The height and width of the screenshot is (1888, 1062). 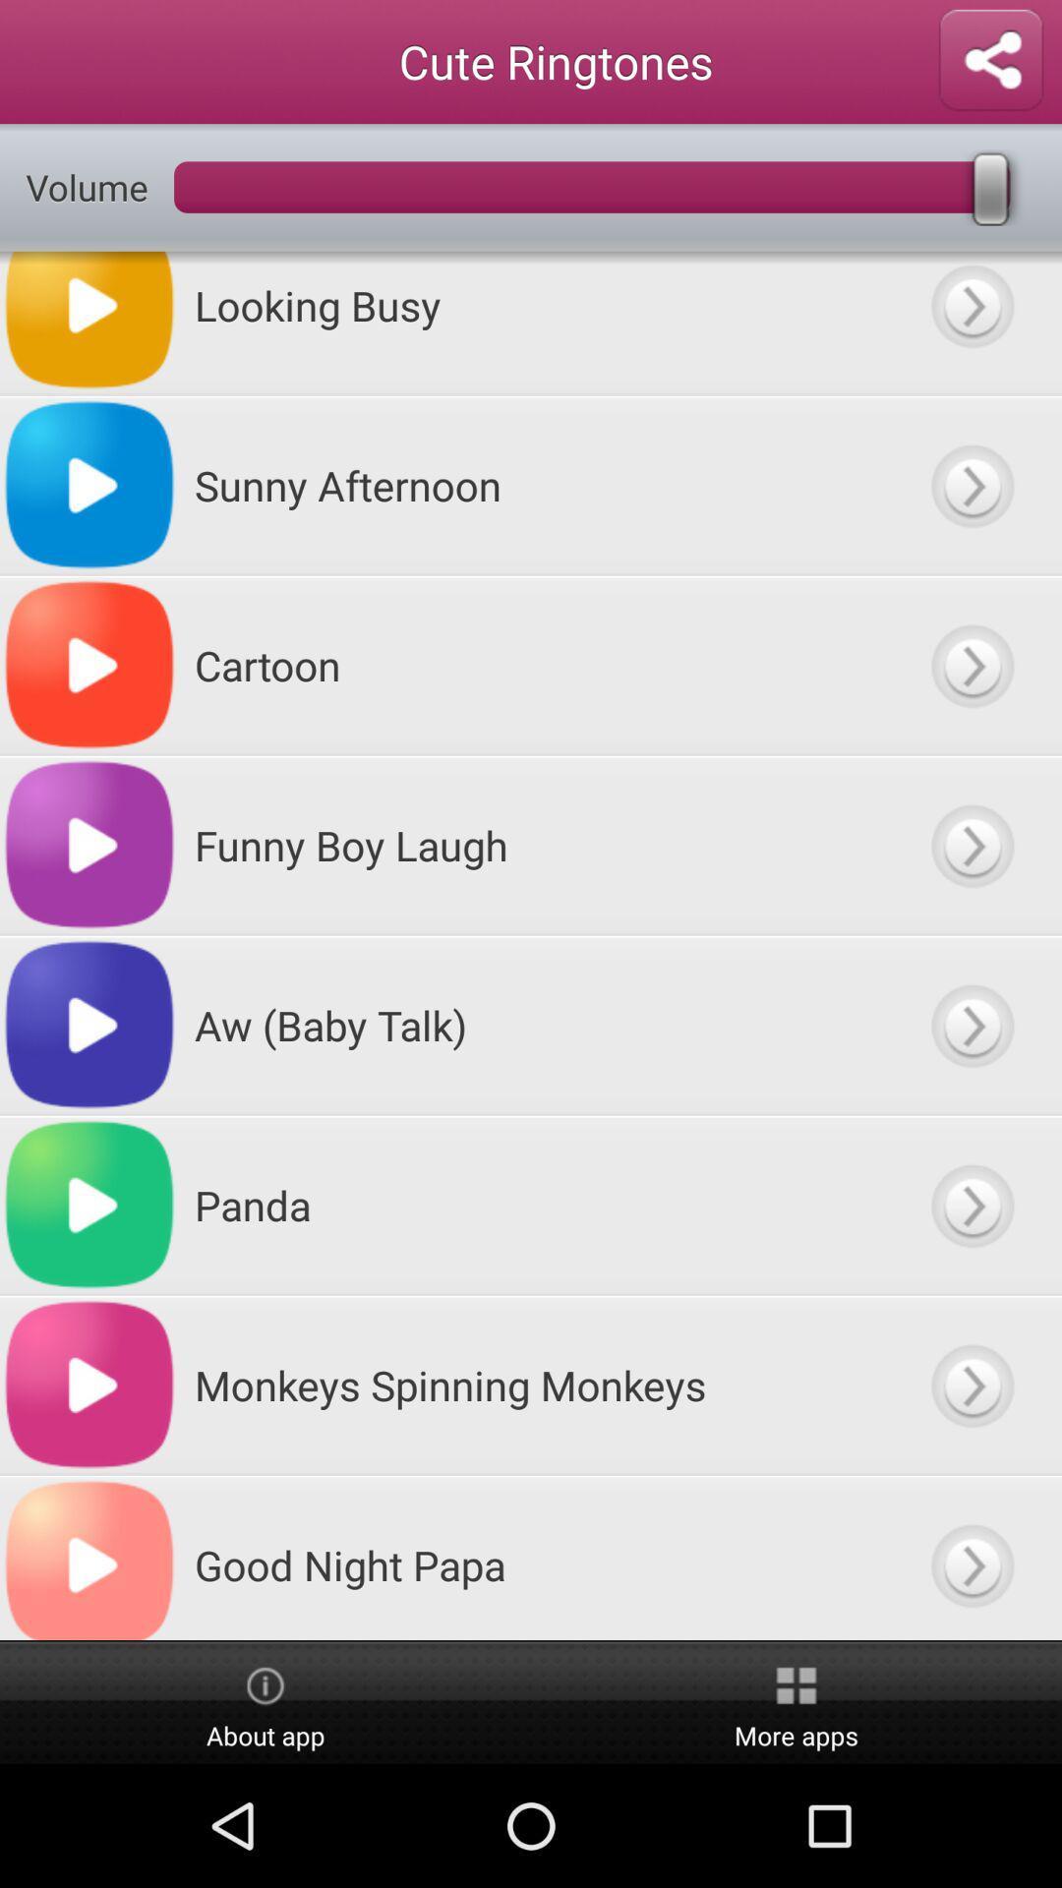 I want to click on option and go back, so click(x=971, y=323).